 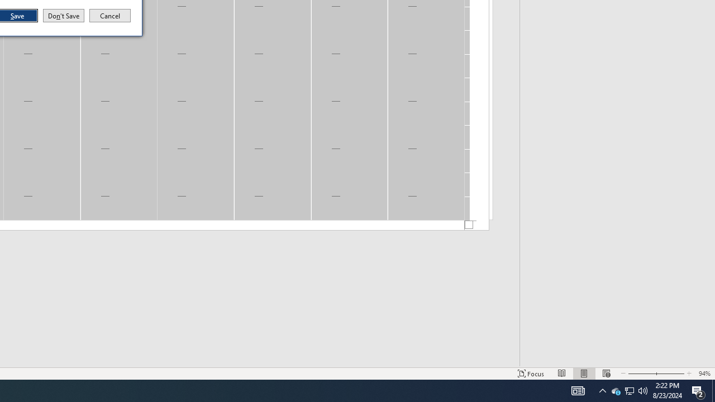 What do you see at coordinates (641, 374) in the screenshot?
I see `'Zoom Out'` at bounding box center [641, 374].